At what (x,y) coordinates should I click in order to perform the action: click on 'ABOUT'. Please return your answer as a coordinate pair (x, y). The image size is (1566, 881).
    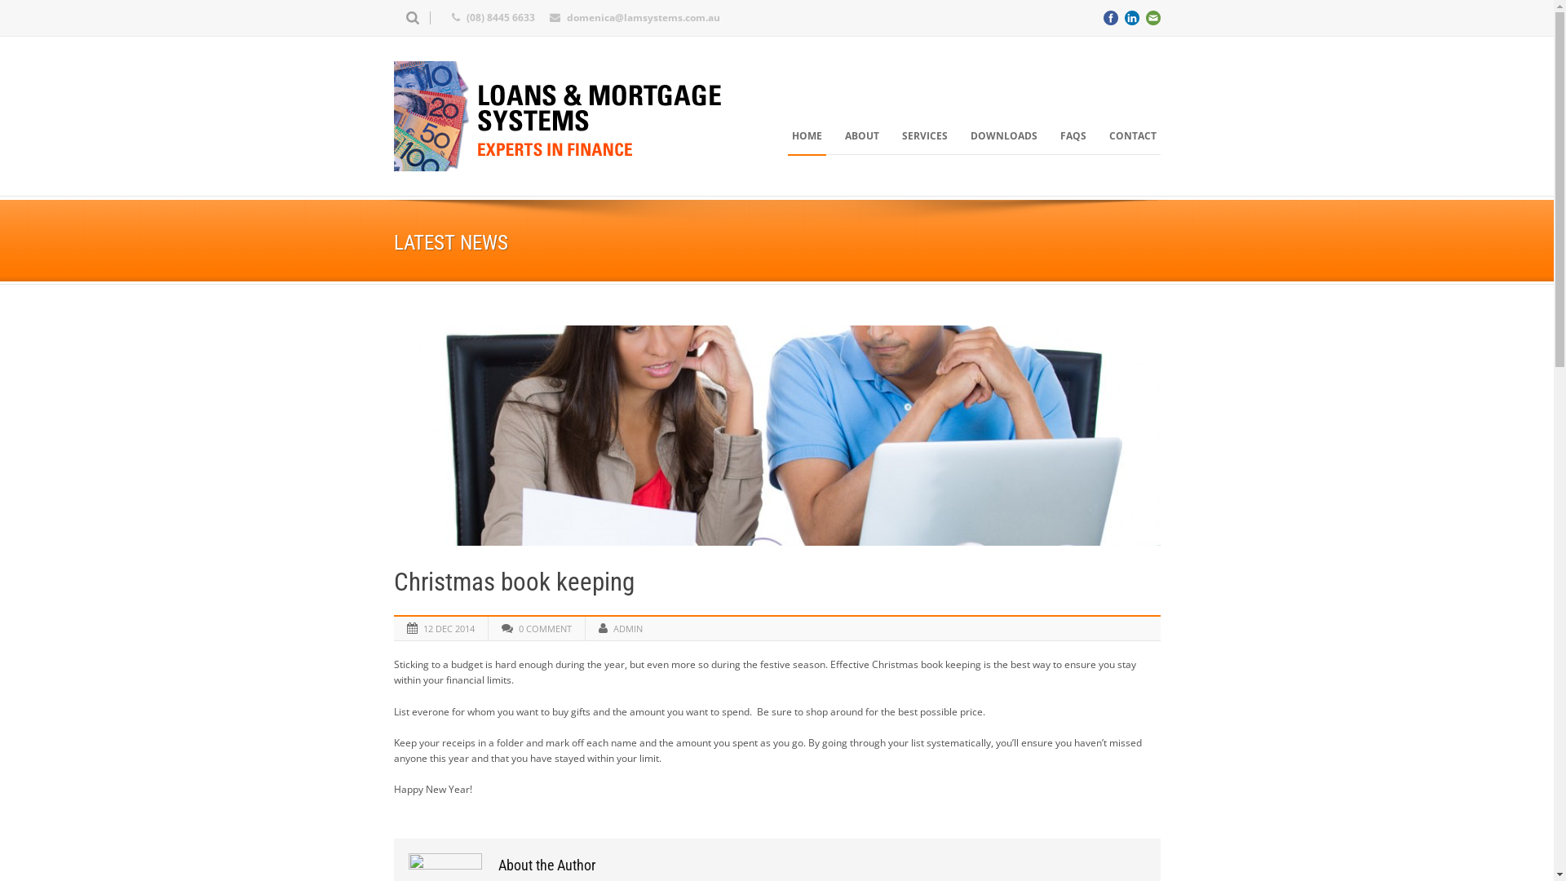
    Looking at the image, I should click on (860, 135).